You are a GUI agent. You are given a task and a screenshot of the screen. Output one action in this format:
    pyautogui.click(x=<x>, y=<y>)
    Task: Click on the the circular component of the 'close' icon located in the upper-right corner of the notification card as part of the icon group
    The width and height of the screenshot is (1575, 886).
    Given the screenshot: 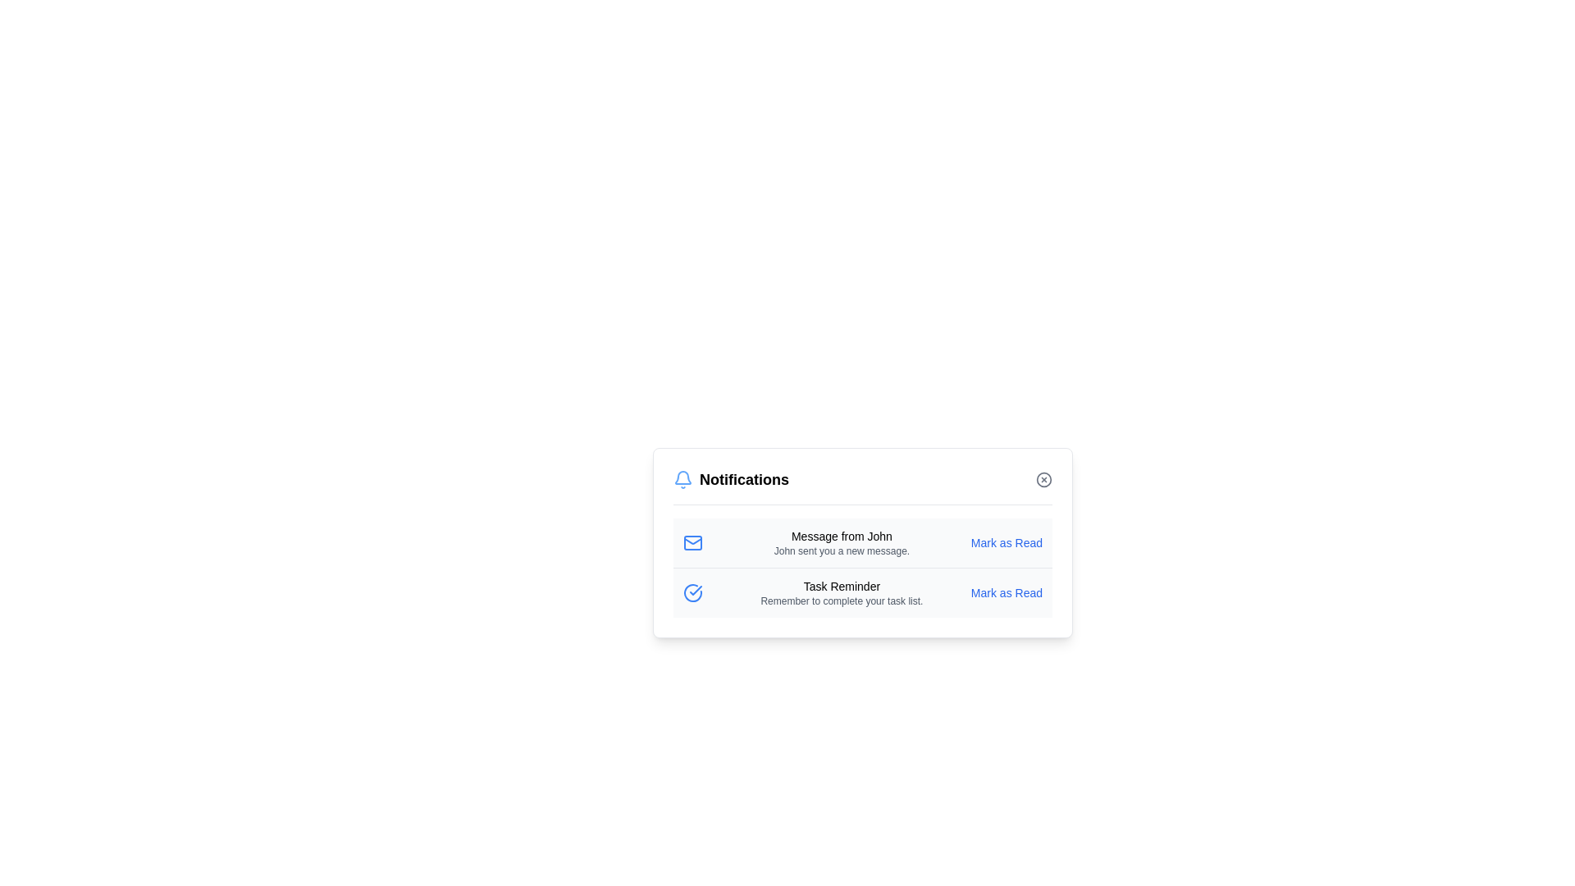 What is the action you would take?
    pyautogui.click(x=1043, y=480)
    